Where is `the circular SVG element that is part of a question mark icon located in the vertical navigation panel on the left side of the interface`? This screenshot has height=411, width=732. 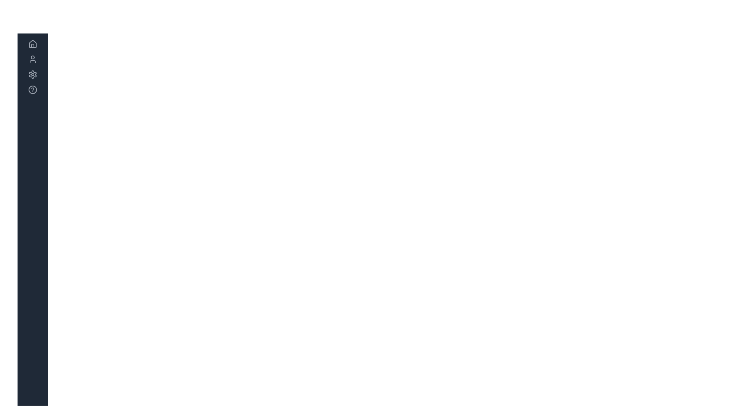 the circular SVG element that is part of a question mark icon located in the vertical navigation panel on the left side of the interface is located at coordinates (32, 89).